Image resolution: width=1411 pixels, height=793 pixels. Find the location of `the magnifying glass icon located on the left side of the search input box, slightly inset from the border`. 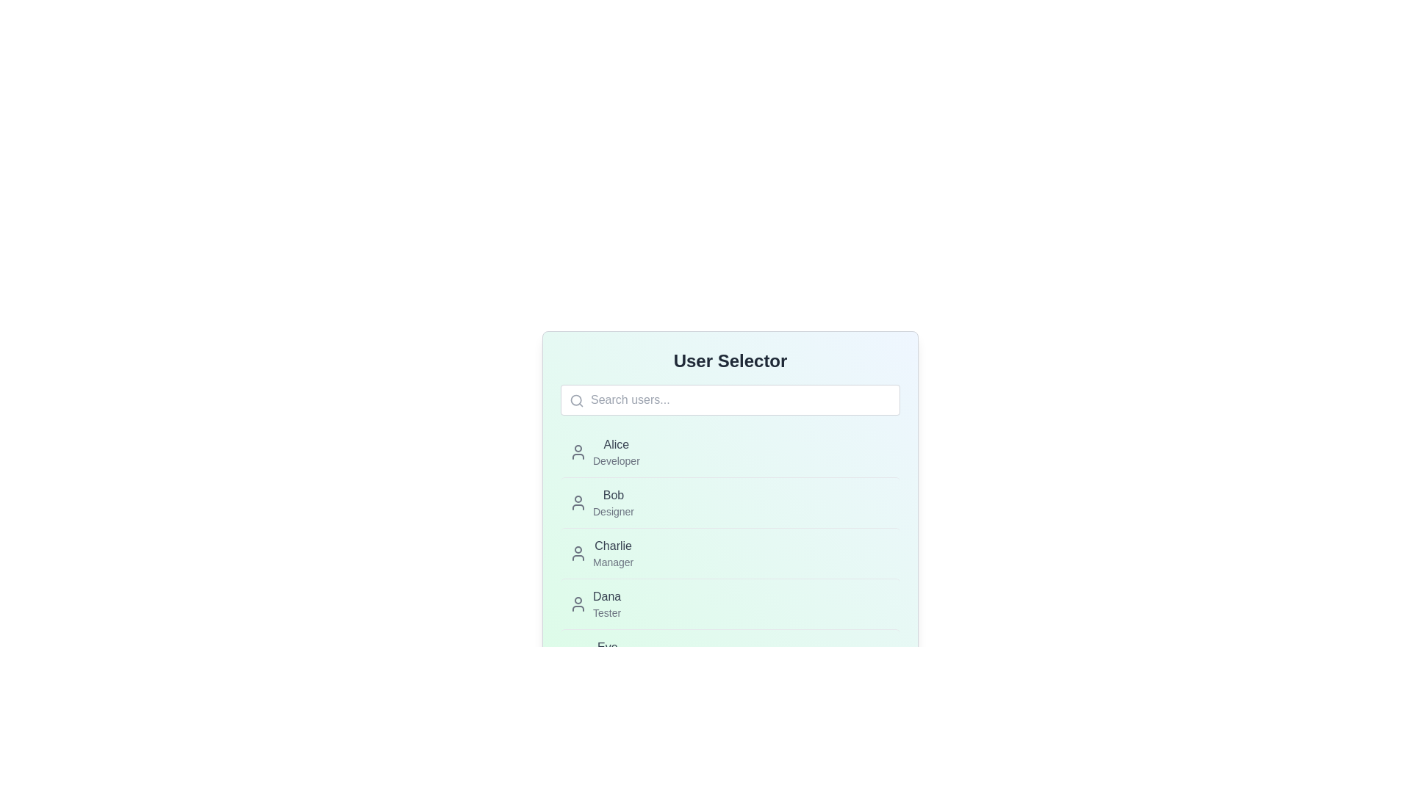

the magnifying glass icon located on the left side of the search input box, slightly inset from the border is located at coordinates (576, 401).